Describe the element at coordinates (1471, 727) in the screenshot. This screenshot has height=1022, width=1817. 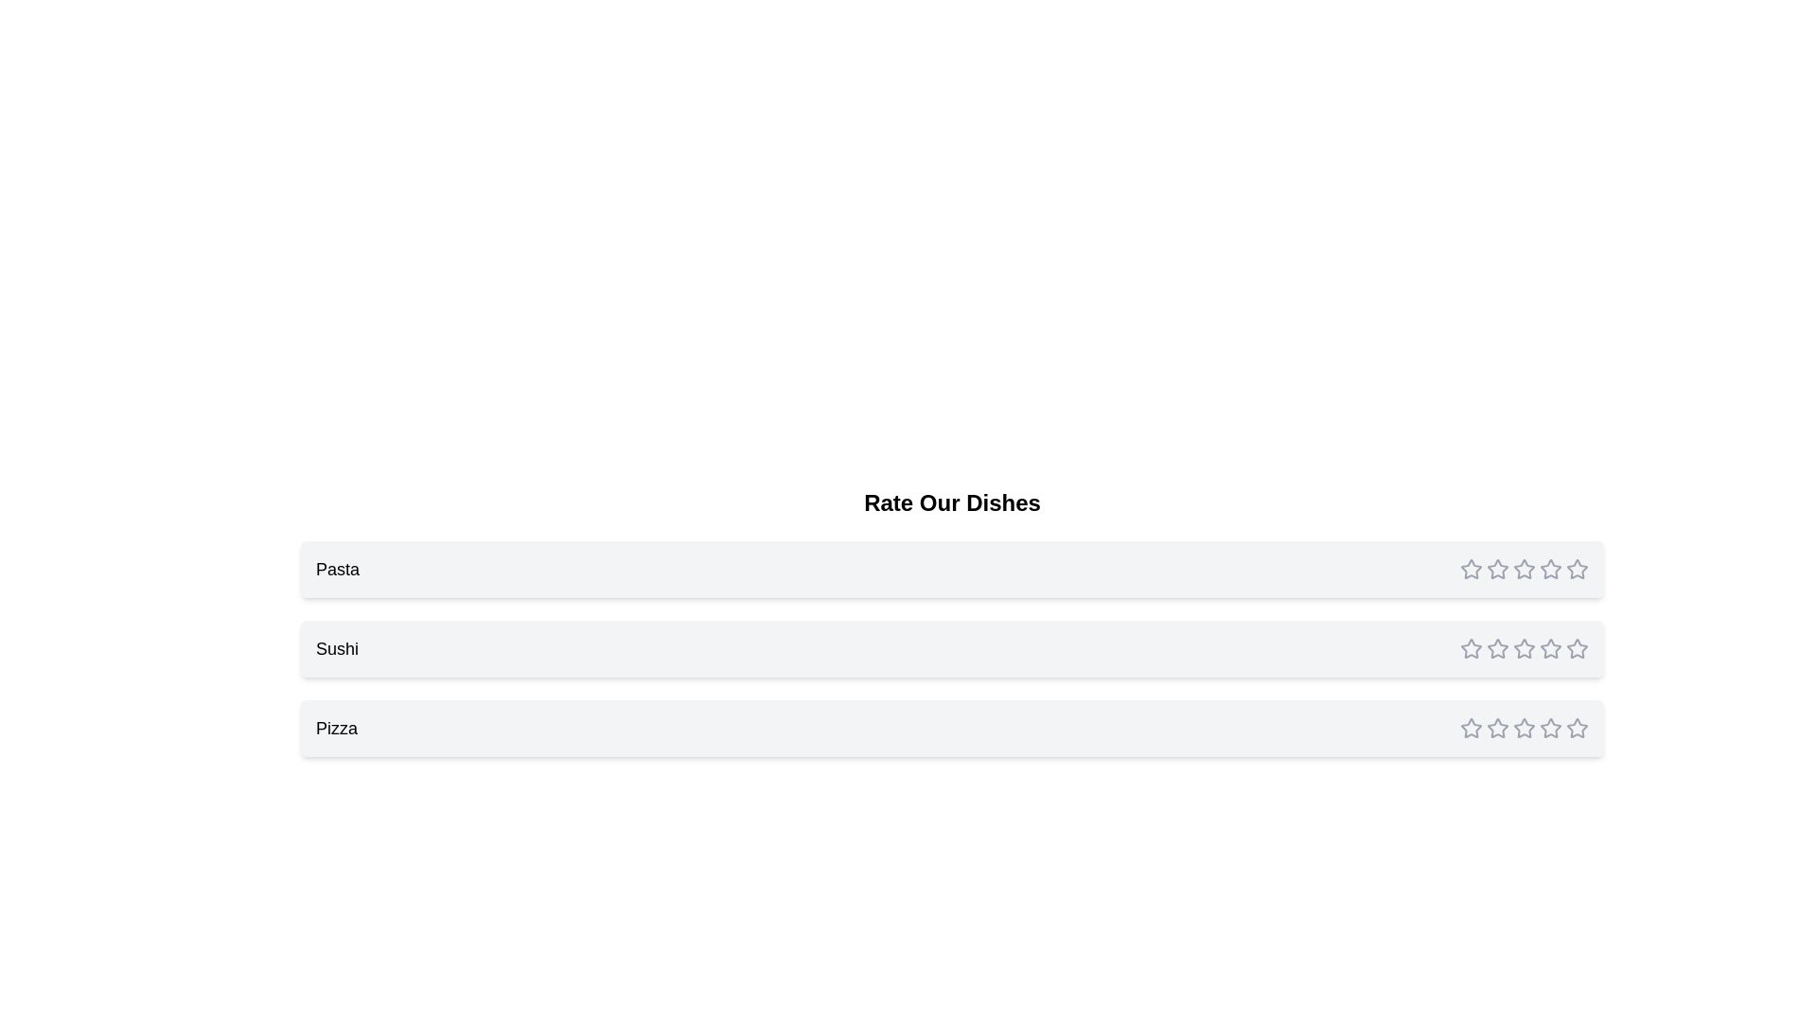
I see `the first rating star icon for 'Pizza' to change its visual state` at that location.